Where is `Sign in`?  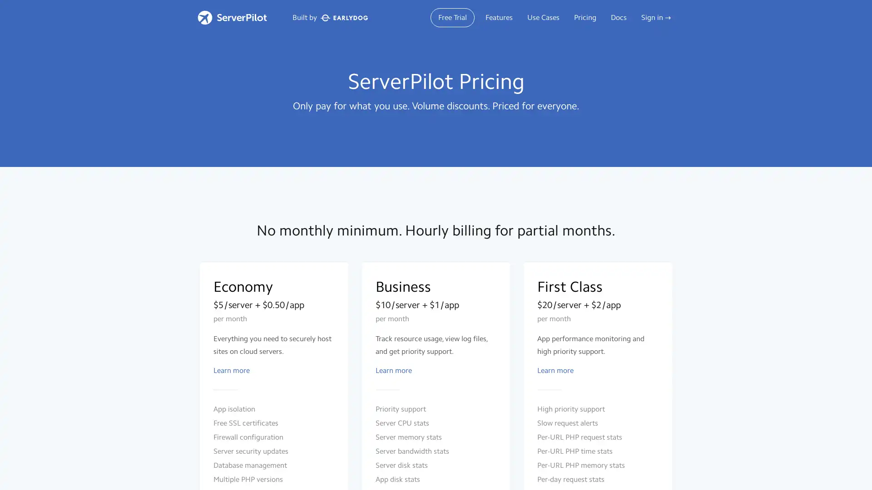
Sign in is located at coordinates (656, 17).